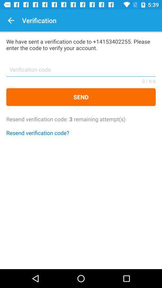 The width and height of the screenshot is (162, 288). What do you see at coordinates (81, 71) in the screenshot?
I see `icon above send icon` at bounding box center [81, 71].